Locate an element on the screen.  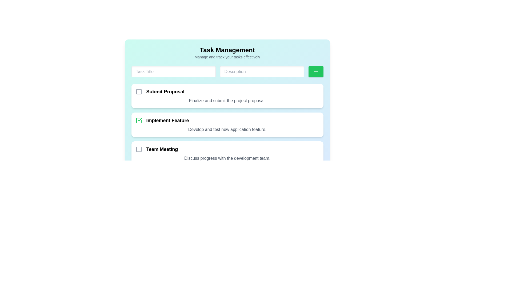
the bold text label reading 'Implement Feature' located in the second task item of the task list, which is positioned to the right of a green checkmark symbol is located at coordinates (167, 120).